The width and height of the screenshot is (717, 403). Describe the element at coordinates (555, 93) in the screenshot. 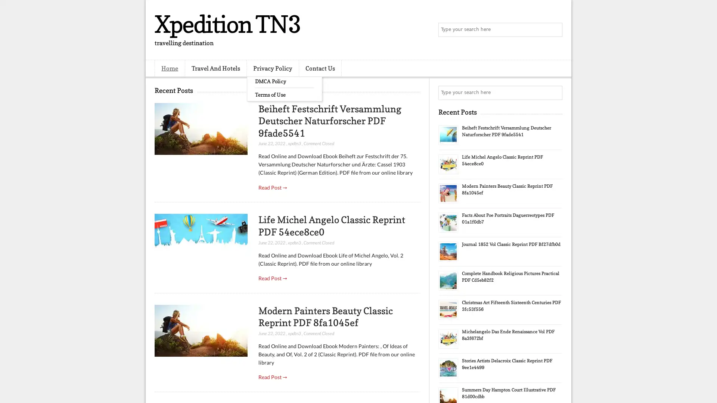

I see `Search` at that location.